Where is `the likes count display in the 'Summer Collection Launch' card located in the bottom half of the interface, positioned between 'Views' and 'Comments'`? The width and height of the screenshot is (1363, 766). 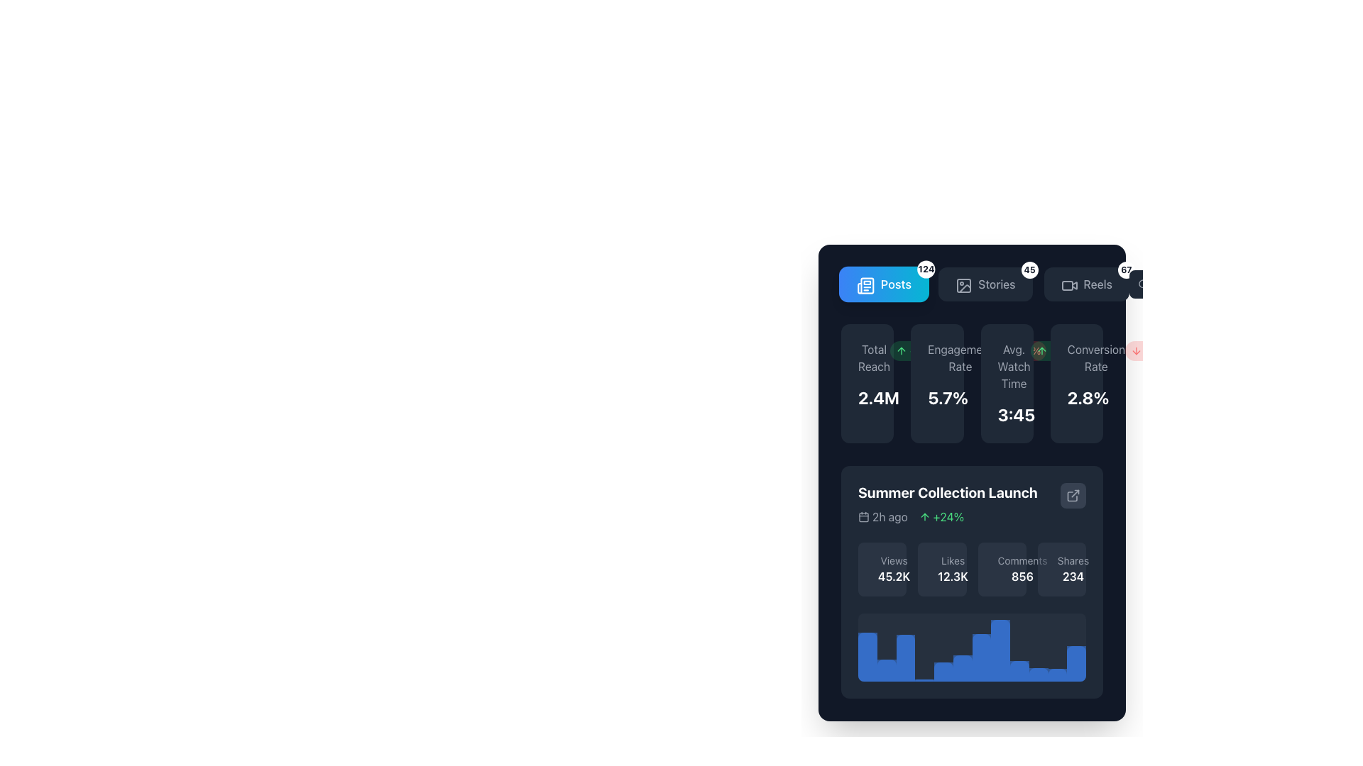 the likes count display in the 'Summer Collection Launch' card located in the bottom half of the interface, positioned between 'Views' and 'Comments' is located at coordinates (953, 568).